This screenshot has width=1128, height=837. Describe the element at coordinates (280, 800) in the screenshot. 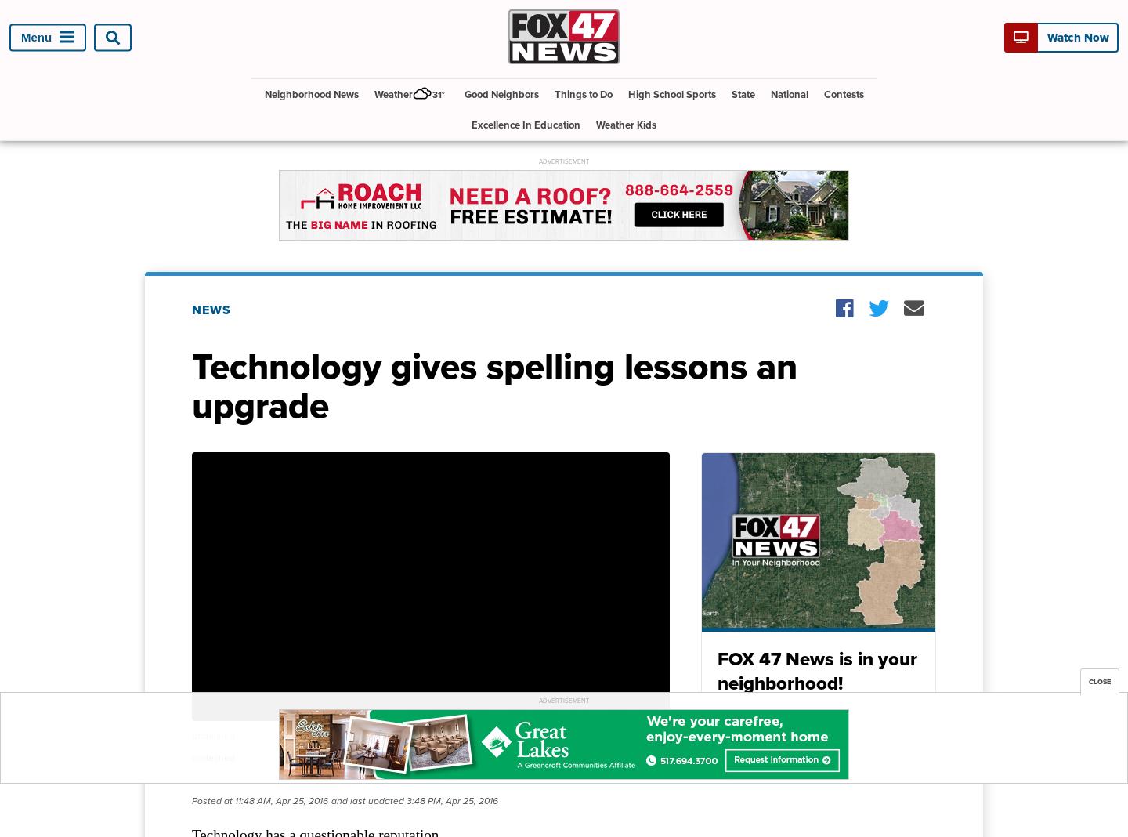

I see `'11:48 AM, Apr 25, 2016'` at that location.